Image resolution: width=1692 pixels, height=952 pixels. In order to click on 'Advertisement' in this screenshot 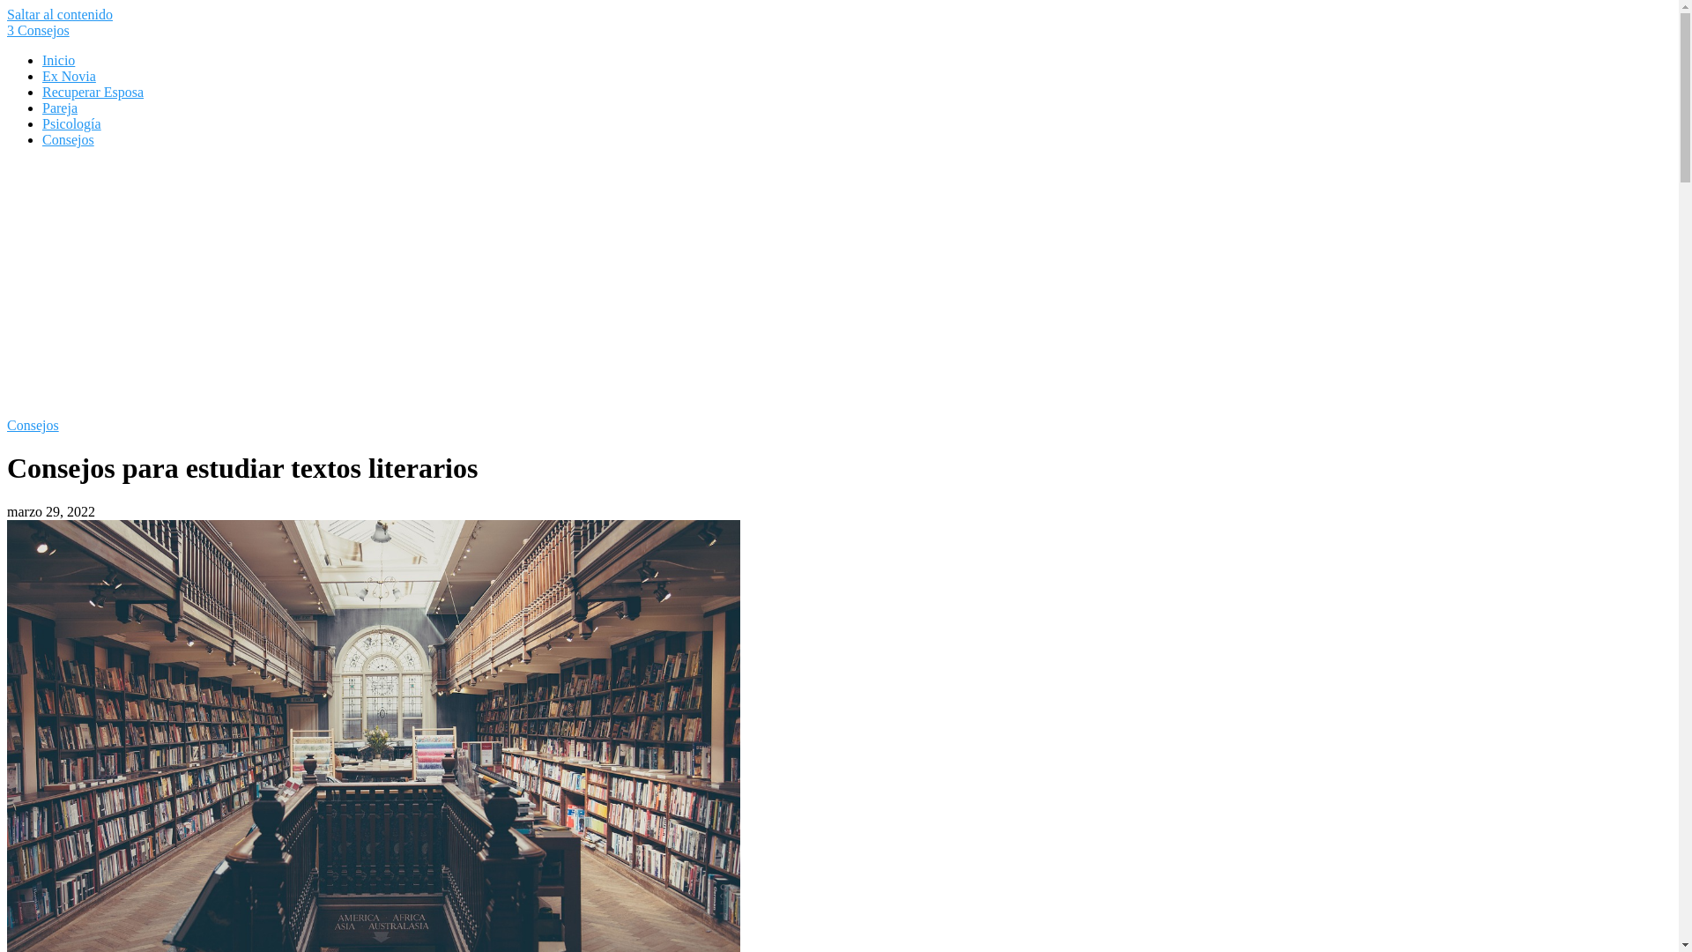, I will do `click(837, 285)`.